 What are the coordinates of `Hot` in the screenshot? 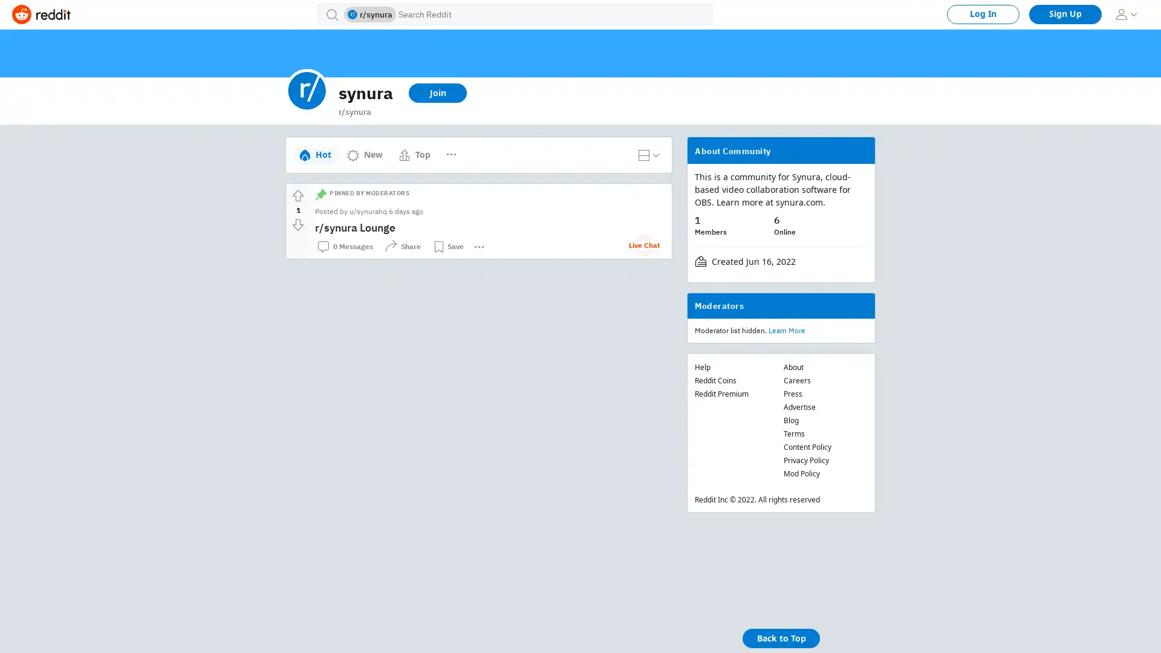 It's located at (315, 154).